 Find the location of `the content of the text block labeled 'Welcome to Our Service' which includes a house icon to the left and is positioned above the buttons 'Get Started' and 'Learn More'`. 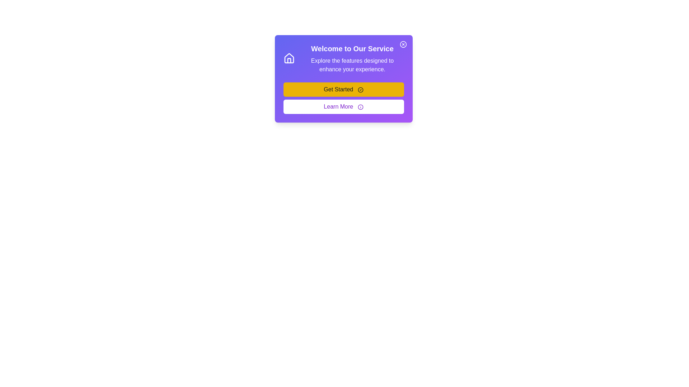

the content of the text block labeled 'Welcome to Our Service' which includes a house icon to the left and is positioned above the buttons 'Get Started' and 'Learn More' is located at coordinates (343, 58).